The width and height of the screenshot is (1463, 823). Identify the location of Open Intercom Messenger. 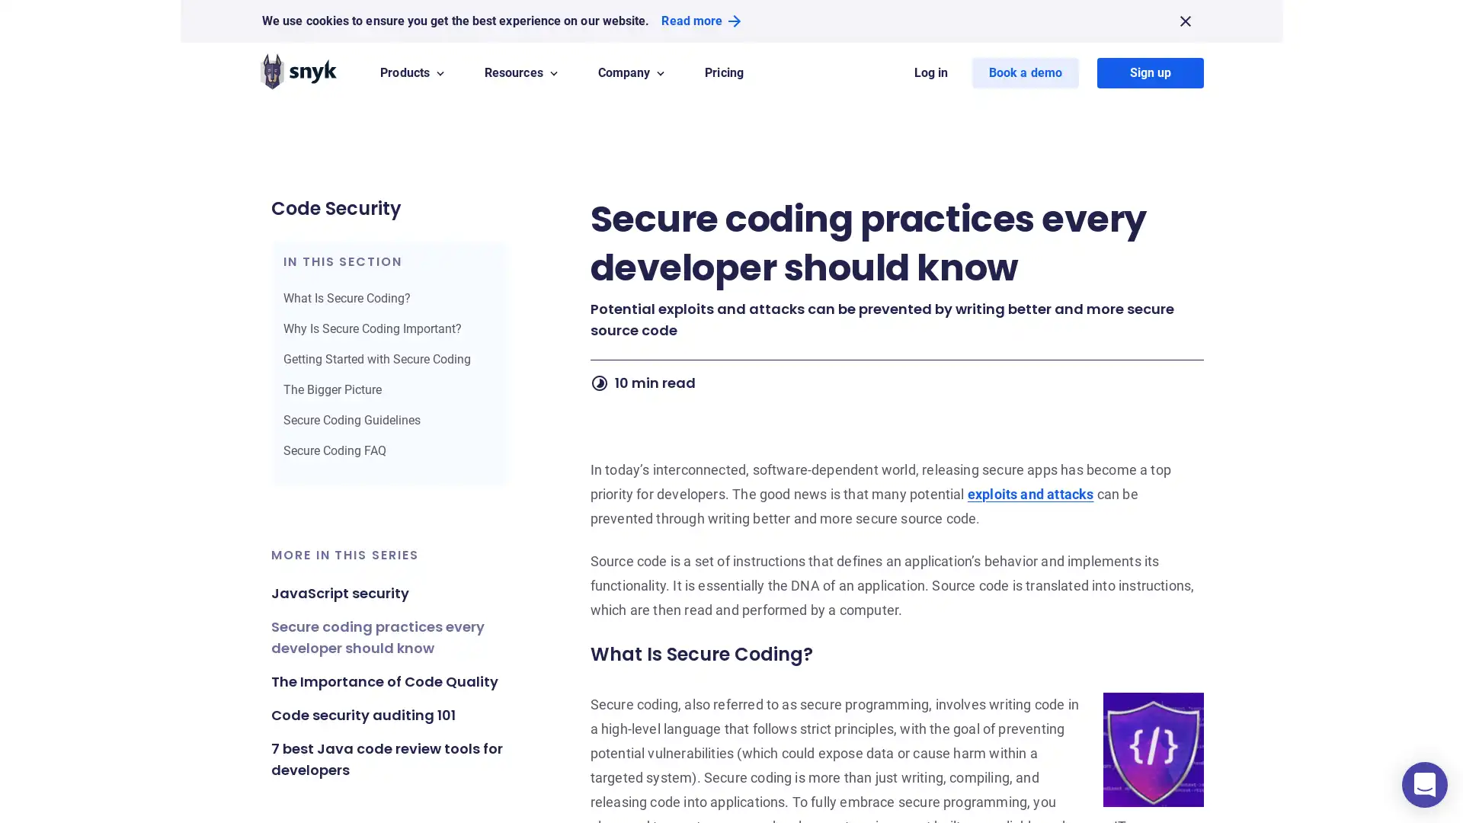
(1424, 784).